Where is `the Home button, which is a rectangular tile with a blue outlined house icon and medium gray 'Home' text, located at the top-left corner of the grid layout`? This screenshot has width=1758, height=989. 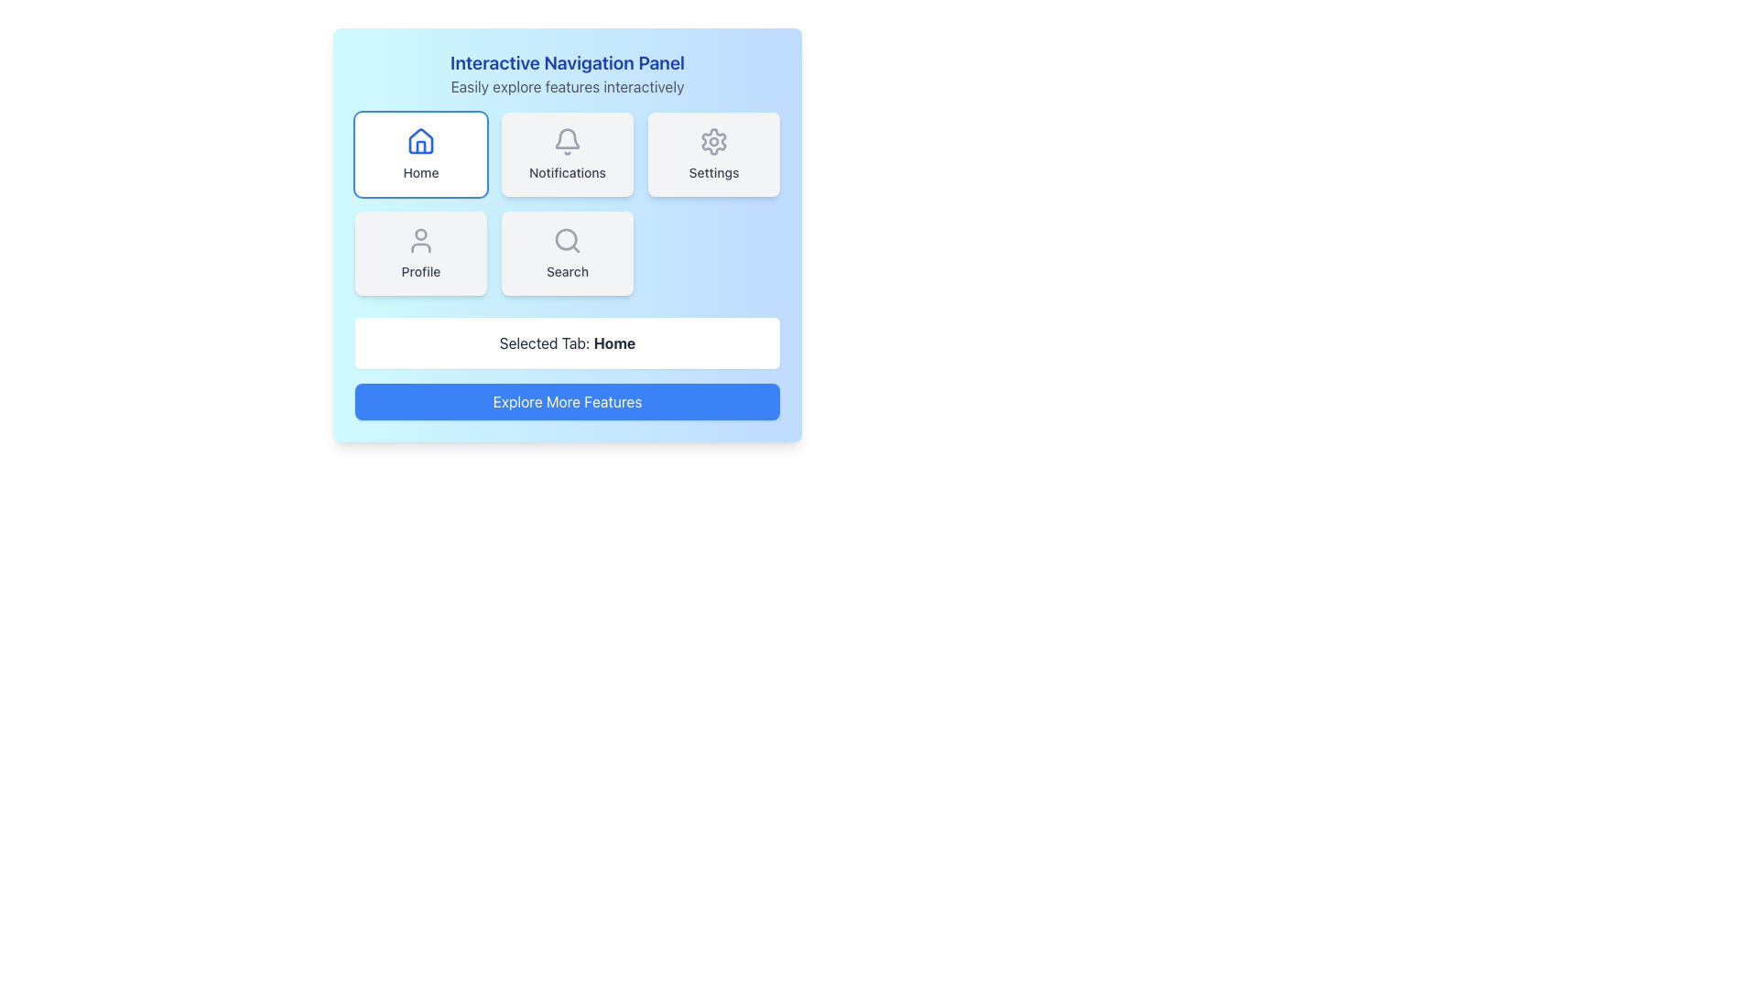
the Home button, which is a rectangular tile with a blue outlined house icon and medium gray 'Home' text, located at the top-left corner of the grid layout is located at coordinates (420, 154).